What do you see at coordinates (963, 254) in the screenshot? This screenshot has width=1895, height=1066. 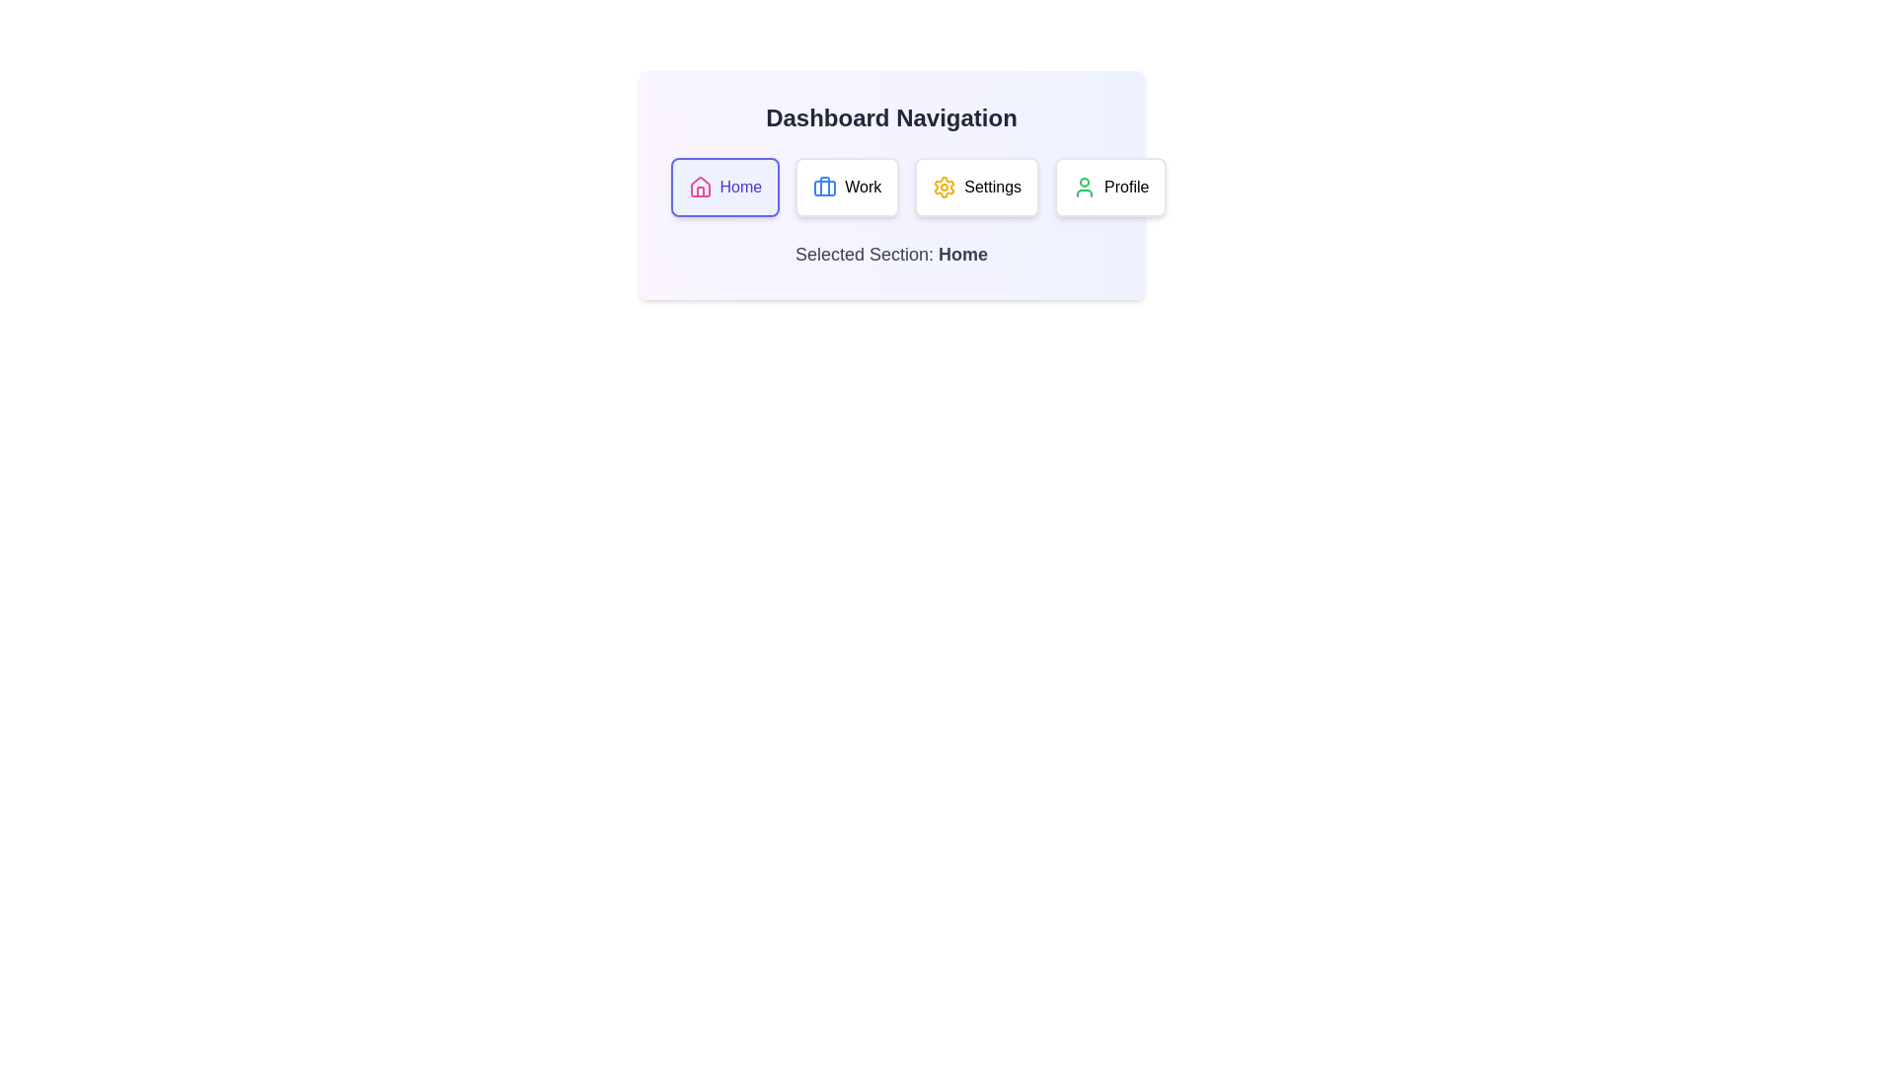 I see `text label indicating the currently selected section, which displays 'Home' as part of 'Selected Section: Home'` at bounding box center [963, 254].